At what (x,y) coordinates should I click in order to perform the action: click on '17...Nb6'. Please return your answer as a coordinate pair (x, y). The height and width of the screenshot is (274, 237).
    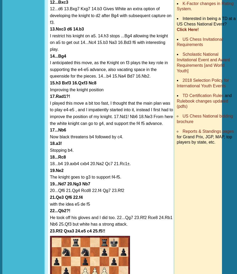
    Looking at the image, I should click on (58, 130).